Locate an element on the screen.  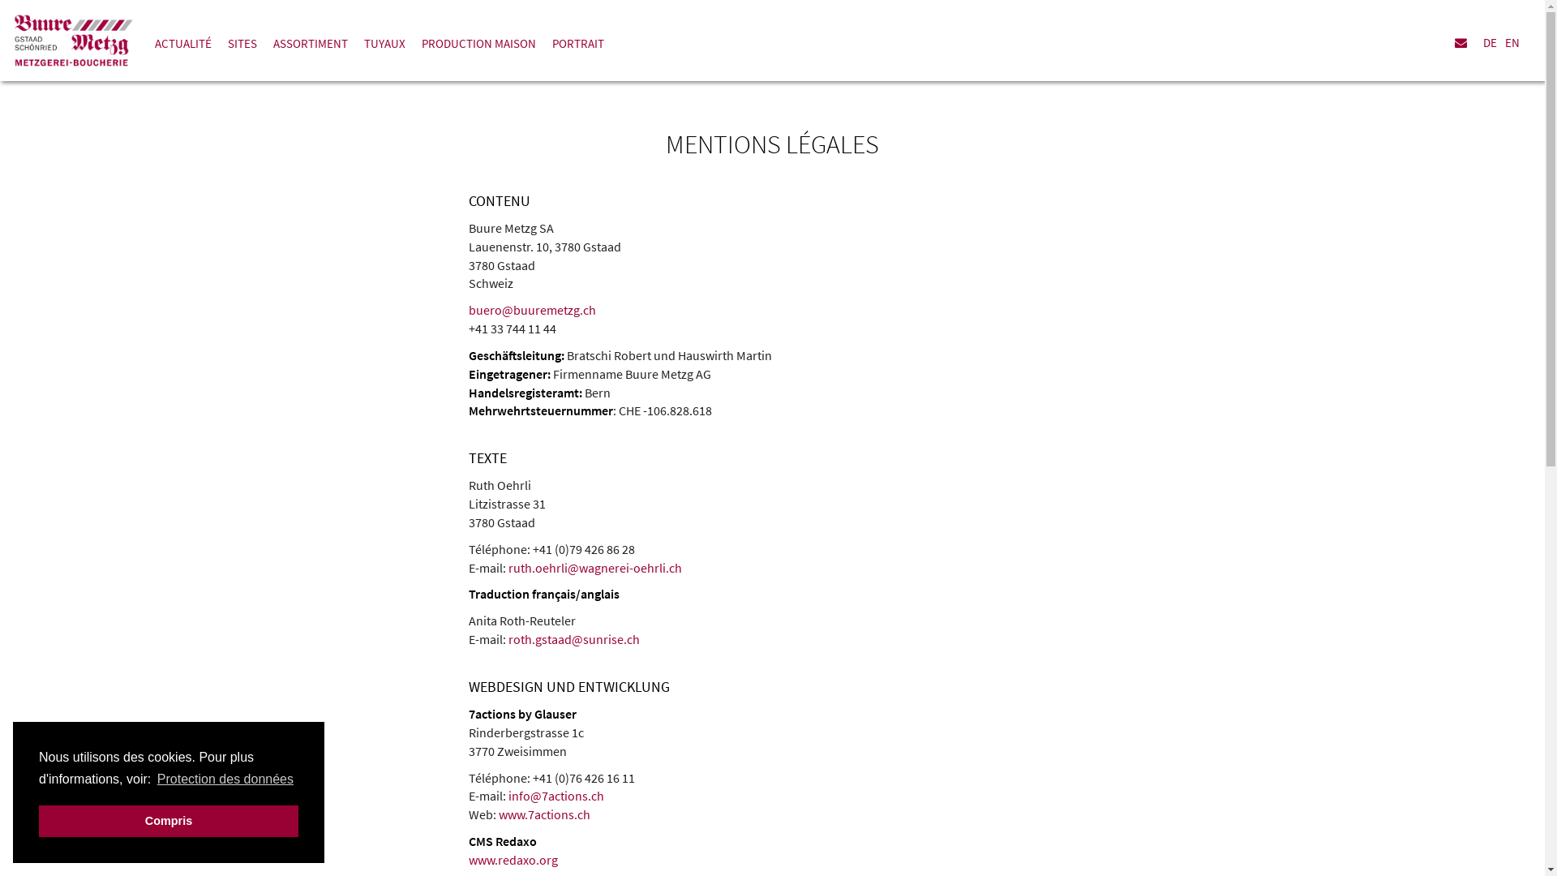
'PRODUCTION MAISON' is located at coordinates (478, 43).